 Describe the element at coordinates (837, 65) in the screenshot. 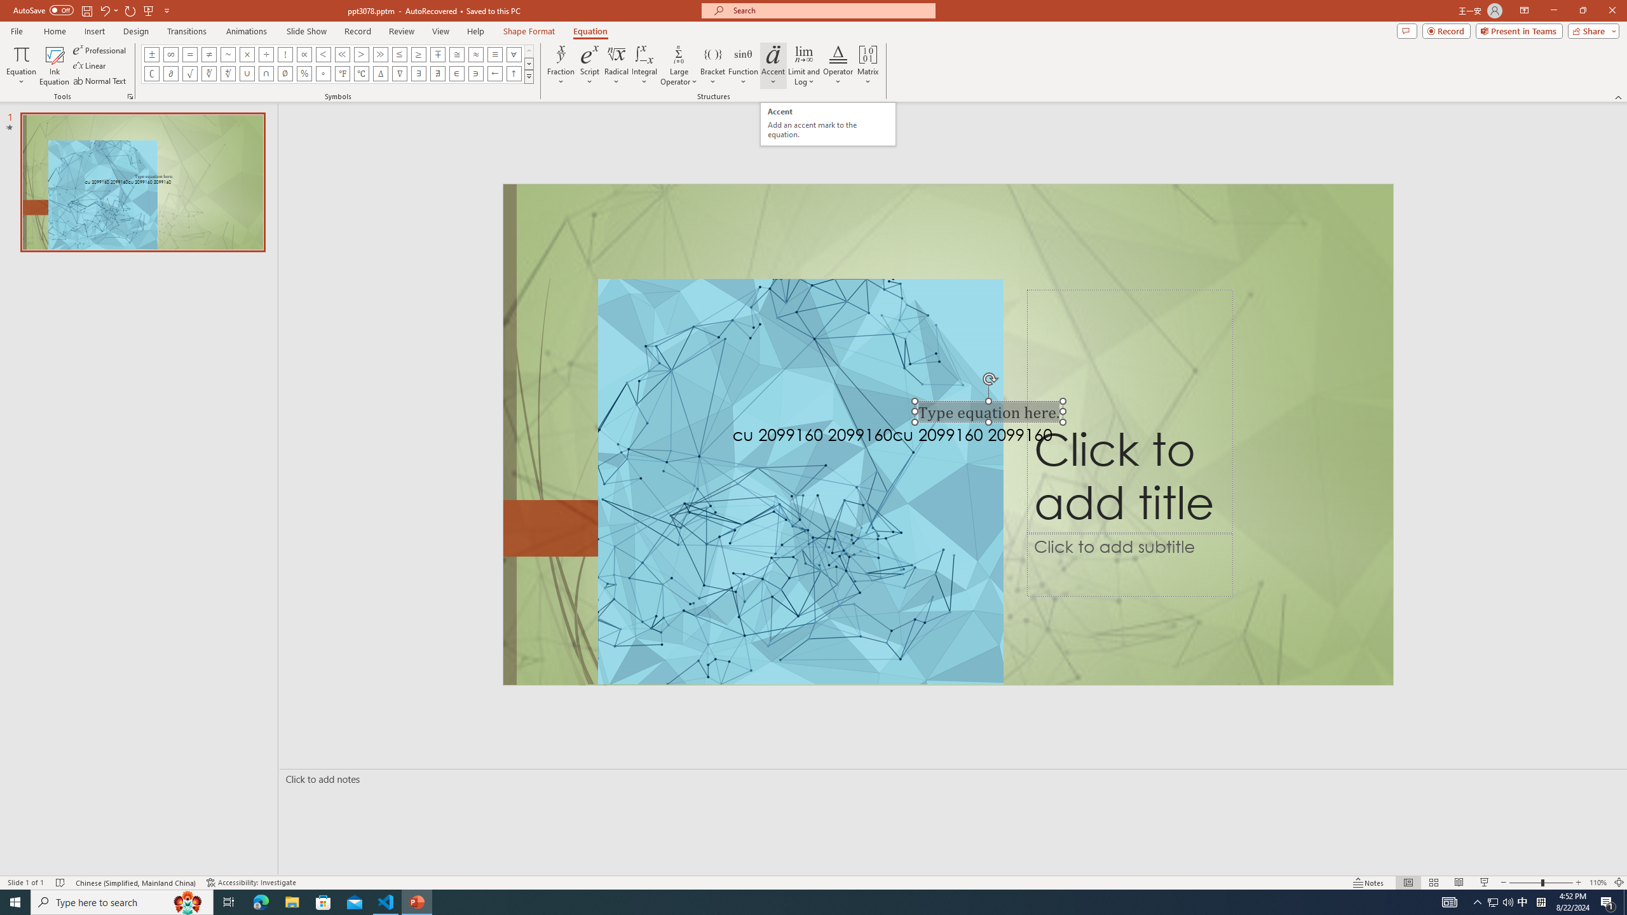

I see `'Operator'` at that location.